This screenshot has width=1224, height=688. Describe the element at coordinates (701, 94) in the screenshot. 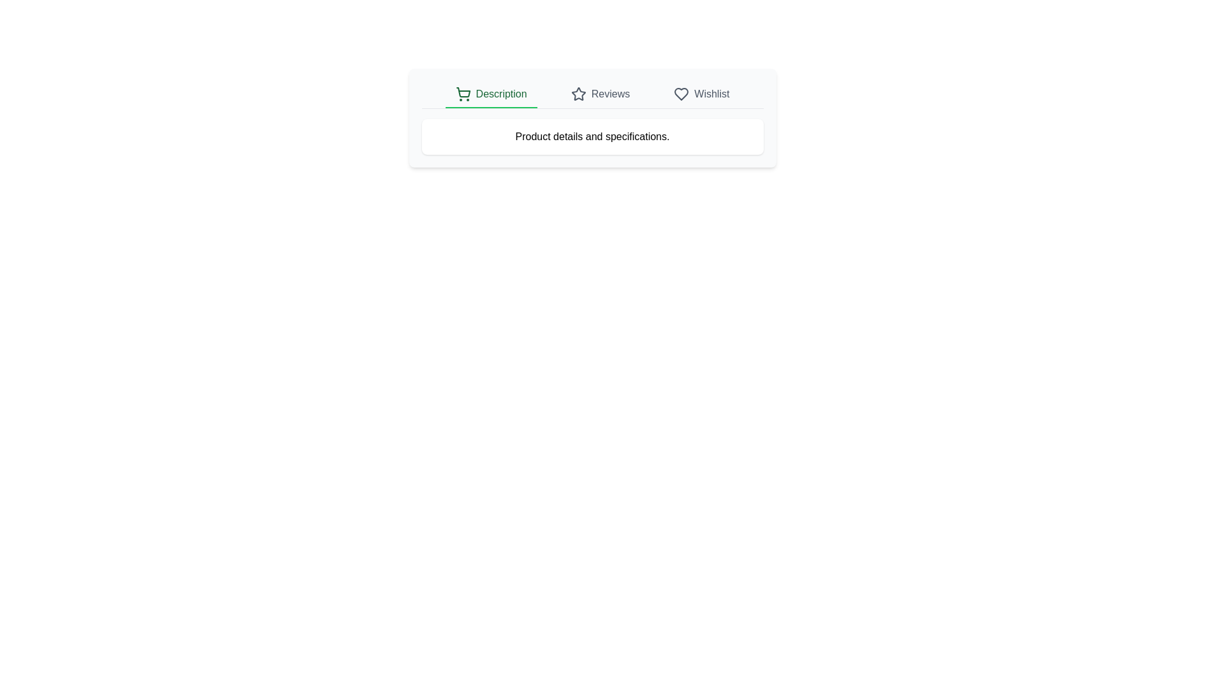

I see `the tab text Wishlist to select it` at that location.